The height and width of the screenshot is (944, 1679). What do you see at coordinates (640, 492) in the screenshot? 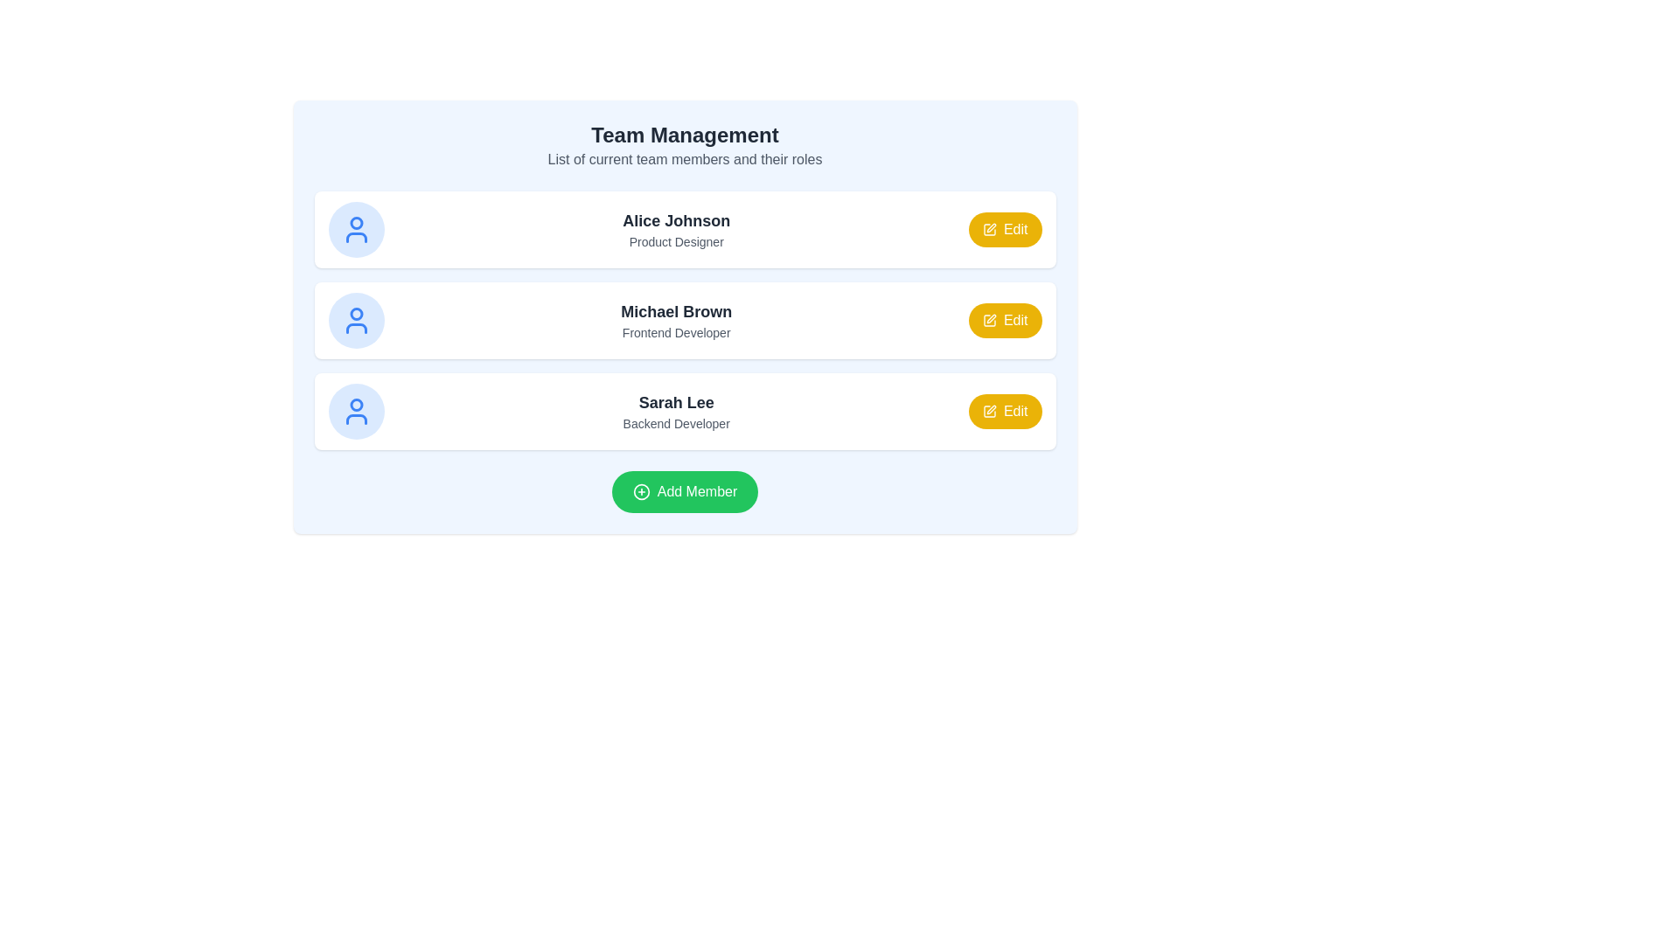
I see `the circular outline that is part of the 'Add Member' button at the bottom of the 'Team Management' panel` at bounding box center [640, 492].